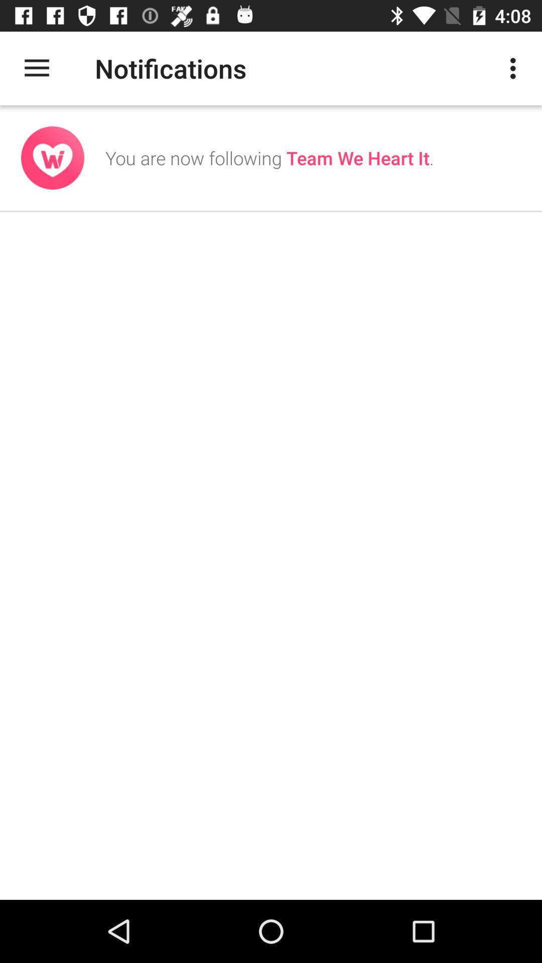 The image size is (542, 963). I want to click on the icon at the top right corner, so click(515, 68).